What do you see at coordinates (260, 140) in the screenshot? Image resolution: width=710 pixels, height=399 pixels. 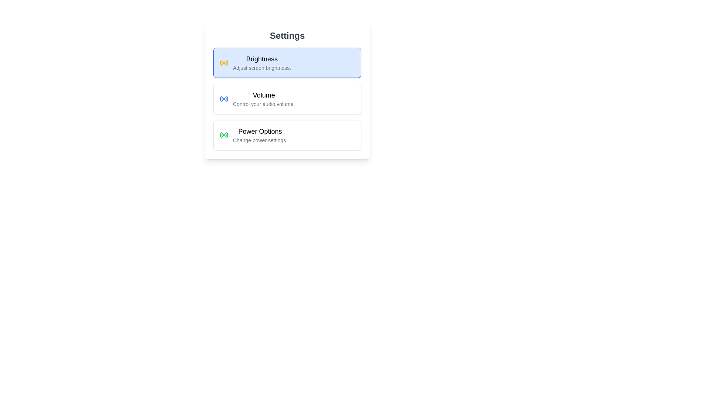 I see `the Text label that provides additional descriptive information about the 'Power Options' setting, located below the primary label in its section` at bounding box center [260, 140].